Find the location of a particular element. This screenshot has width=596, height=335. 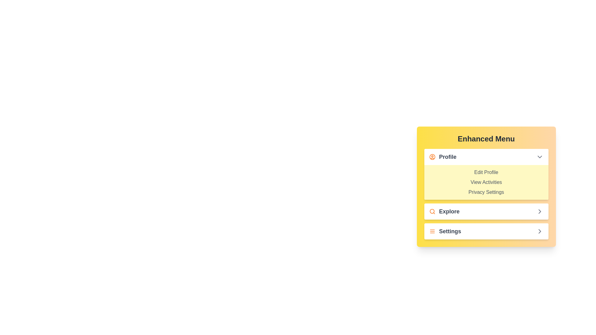

the orange circular user silhouette icon located next to the 'Profile' label in the 'Enhanced Menu' is located at coordinates (432, 156).